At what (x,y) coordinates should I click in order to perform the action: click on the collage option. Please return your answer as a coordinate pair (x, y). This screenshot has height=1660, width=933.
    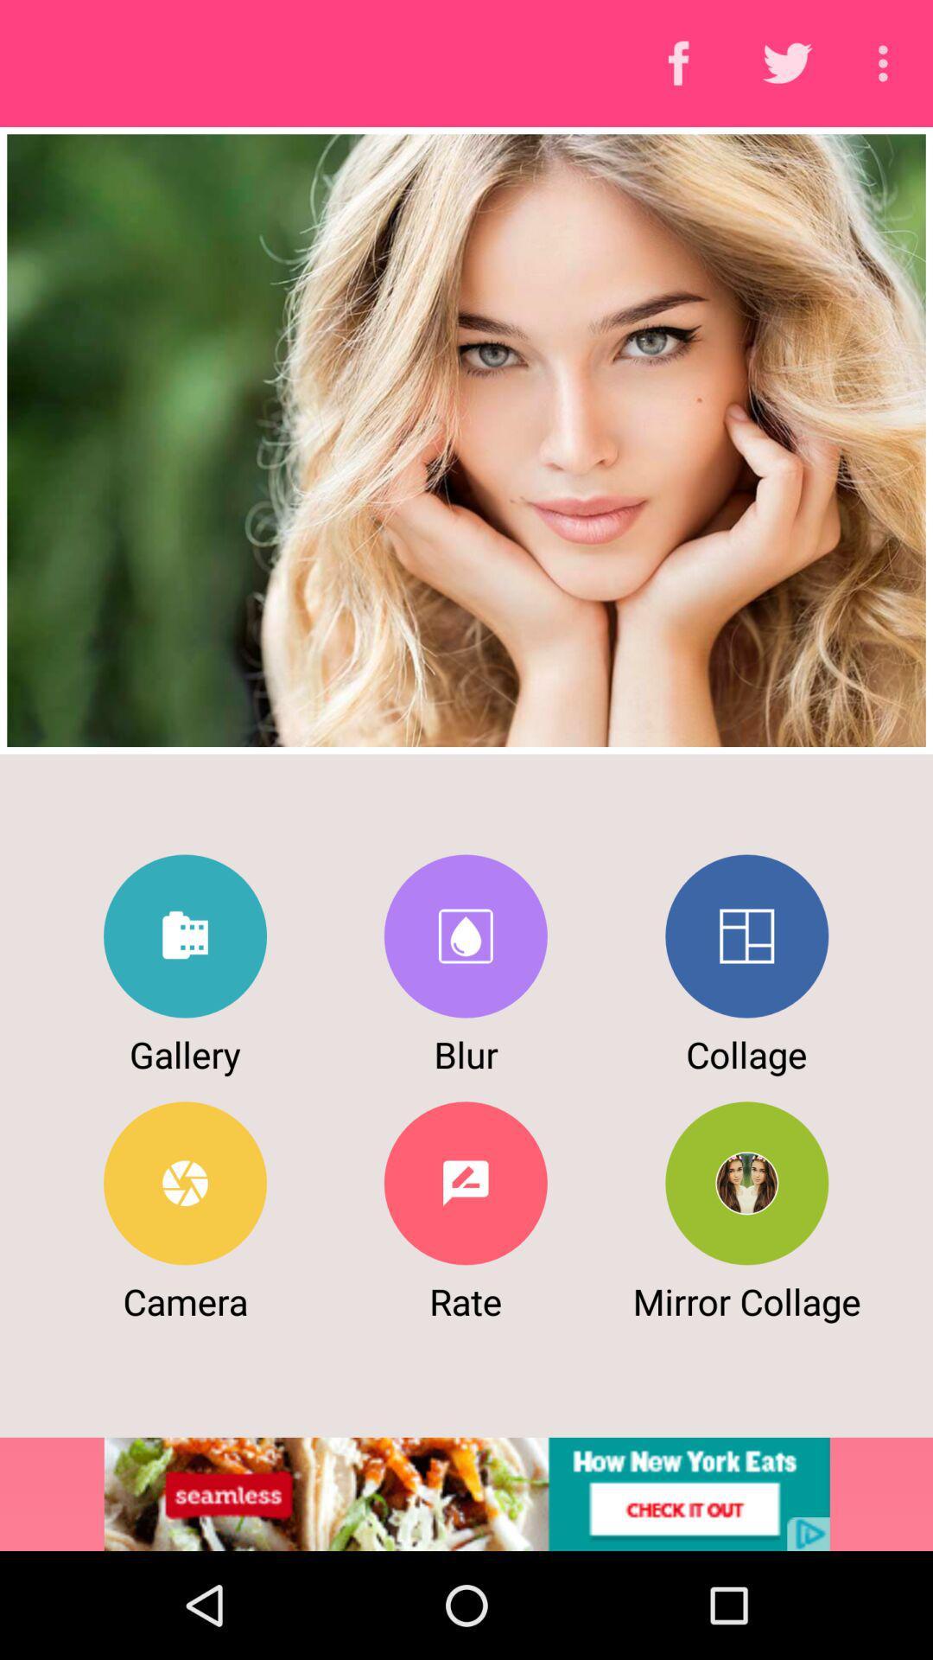
    Looking at the image, I should click on (746, 935).